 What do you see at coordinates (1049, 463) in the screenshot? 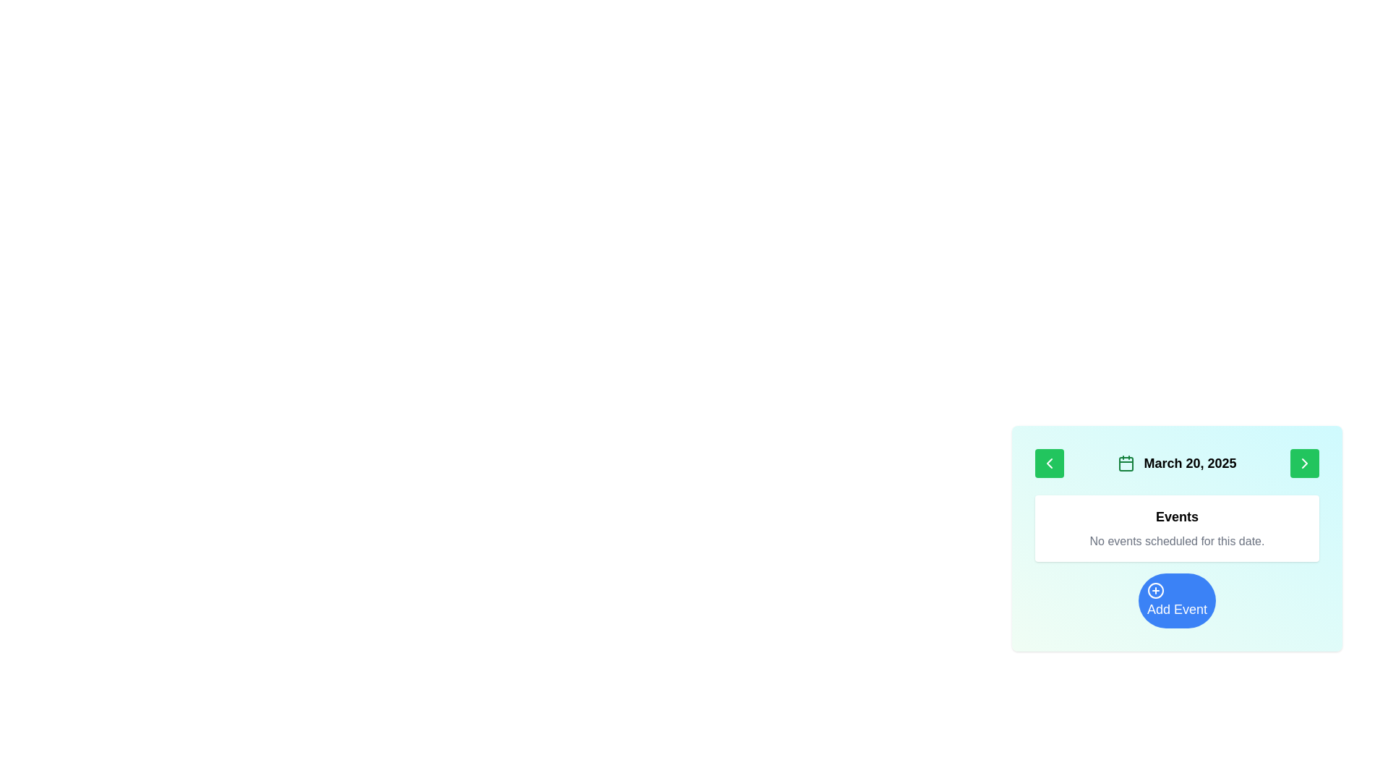
I see `the navigational icon located in the navigation bar, which is the first icon from the left` at bounding box center [1049, 463].